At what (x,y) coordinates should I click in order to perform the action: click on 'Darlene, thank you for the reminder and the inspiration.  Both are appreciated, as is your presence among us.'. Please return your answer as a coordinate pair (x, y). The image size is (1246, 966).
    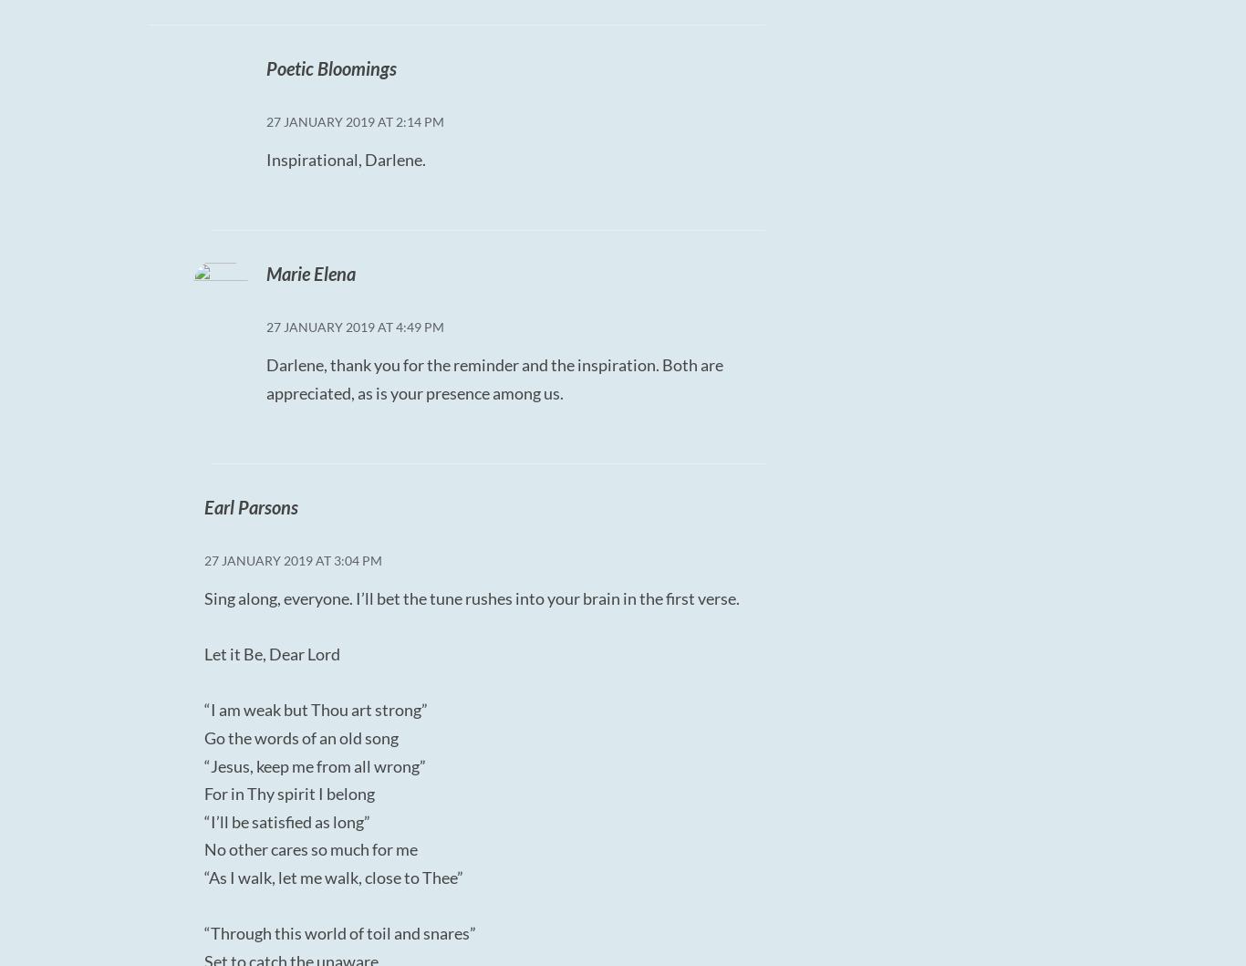
    Looking at the image, I should click on (265, 378).